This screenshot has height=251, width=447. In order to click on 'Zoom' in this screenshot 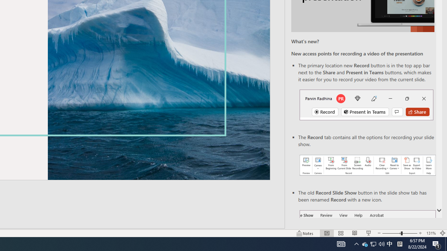, I will do `click(400, 233)`.